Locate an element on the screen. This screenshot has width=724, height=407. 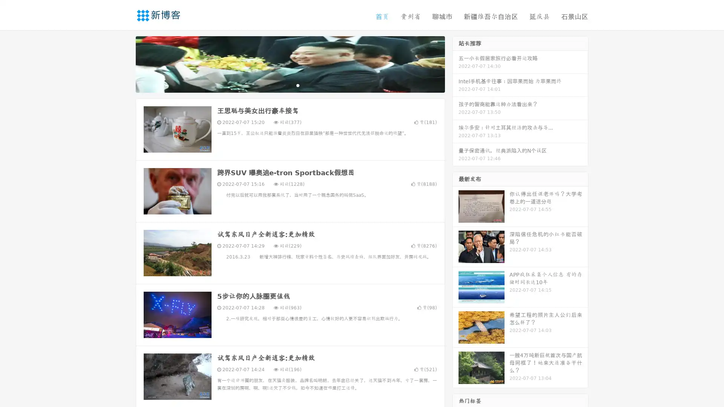
Go to slide 1 is located at coordinates (282, 85).